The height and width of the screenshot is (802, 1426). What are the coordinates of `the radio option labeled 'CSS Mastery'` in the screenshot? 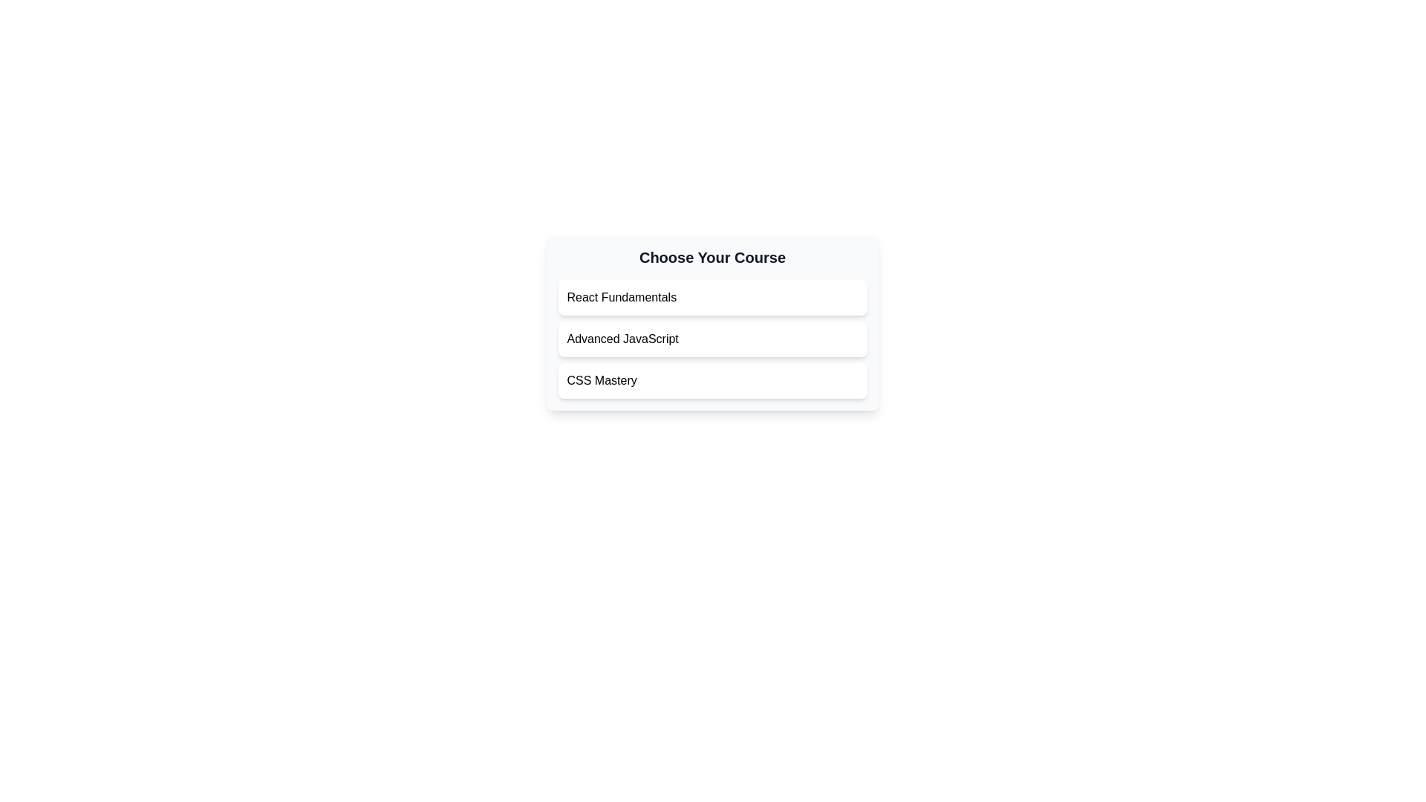 It's located at (712, 380).